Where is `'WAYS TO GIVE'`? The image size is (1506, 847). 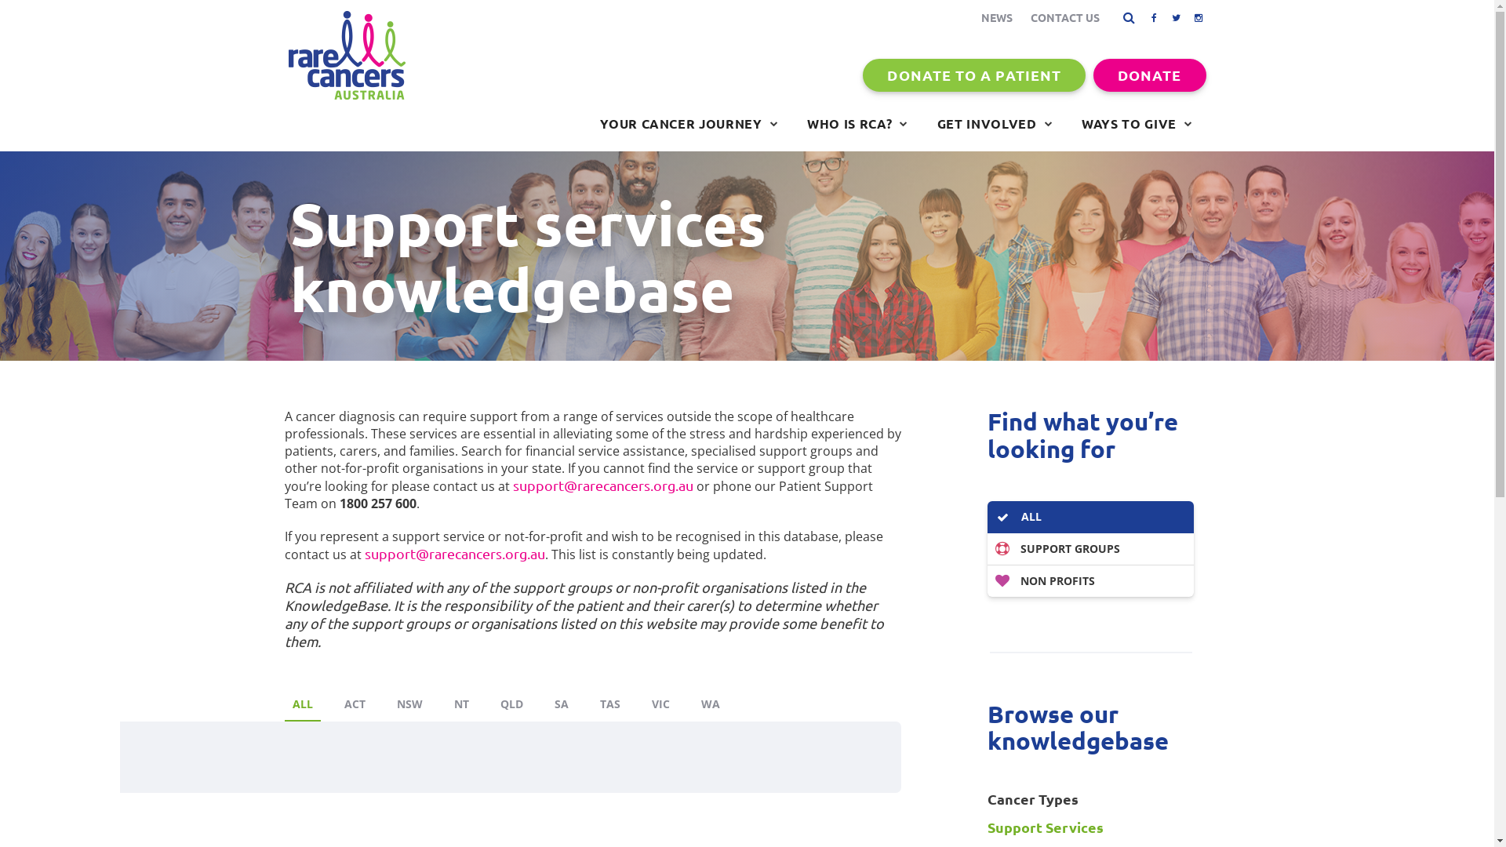
'WAYS TO GIVE' is located at coordinates (1137, 123).